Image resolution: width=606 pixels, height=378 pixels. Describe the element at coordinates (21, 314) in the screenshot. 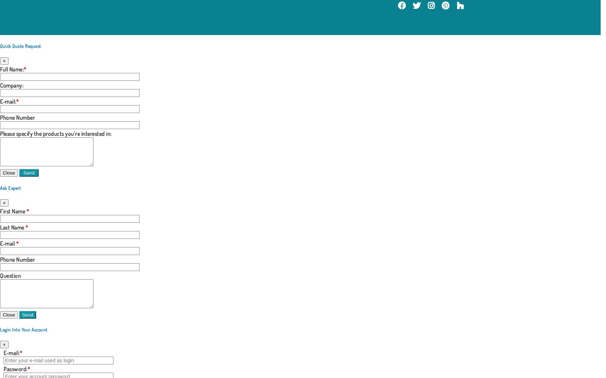

I see `'Send'` at that location.